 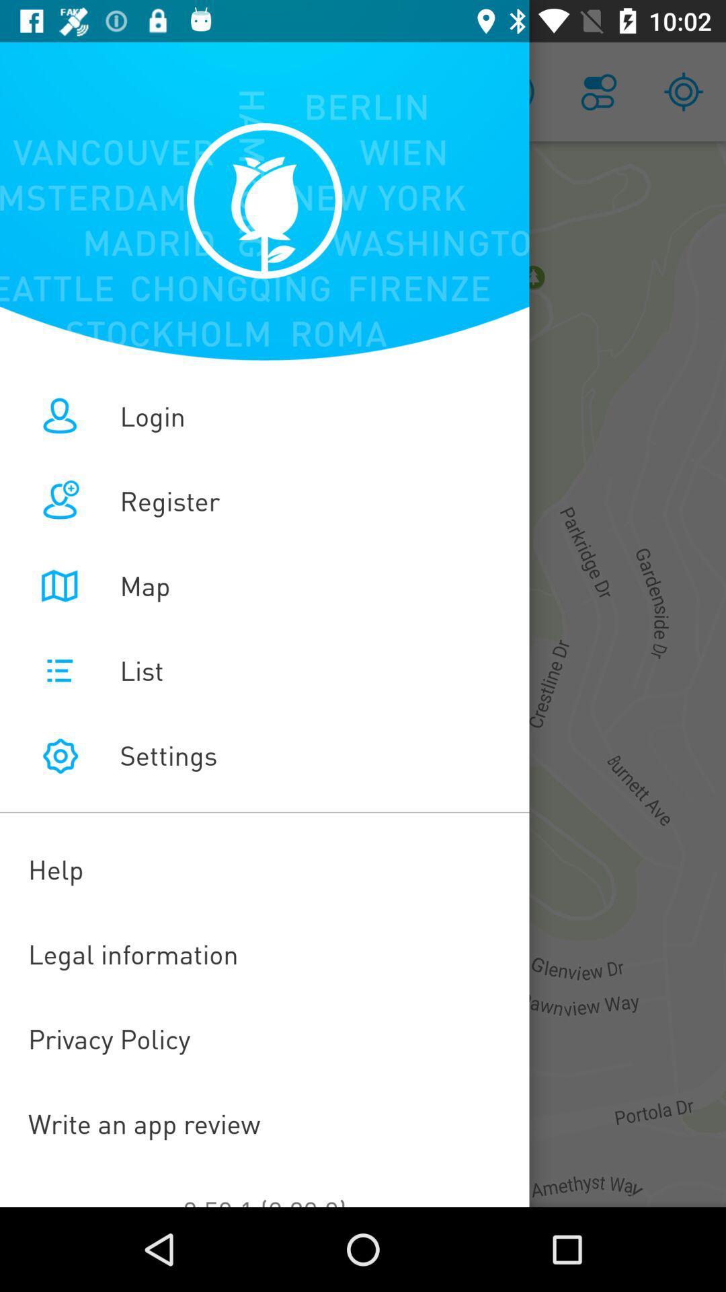 I want to click on the icon left to the recentric icon, so click(x=598, y=92).